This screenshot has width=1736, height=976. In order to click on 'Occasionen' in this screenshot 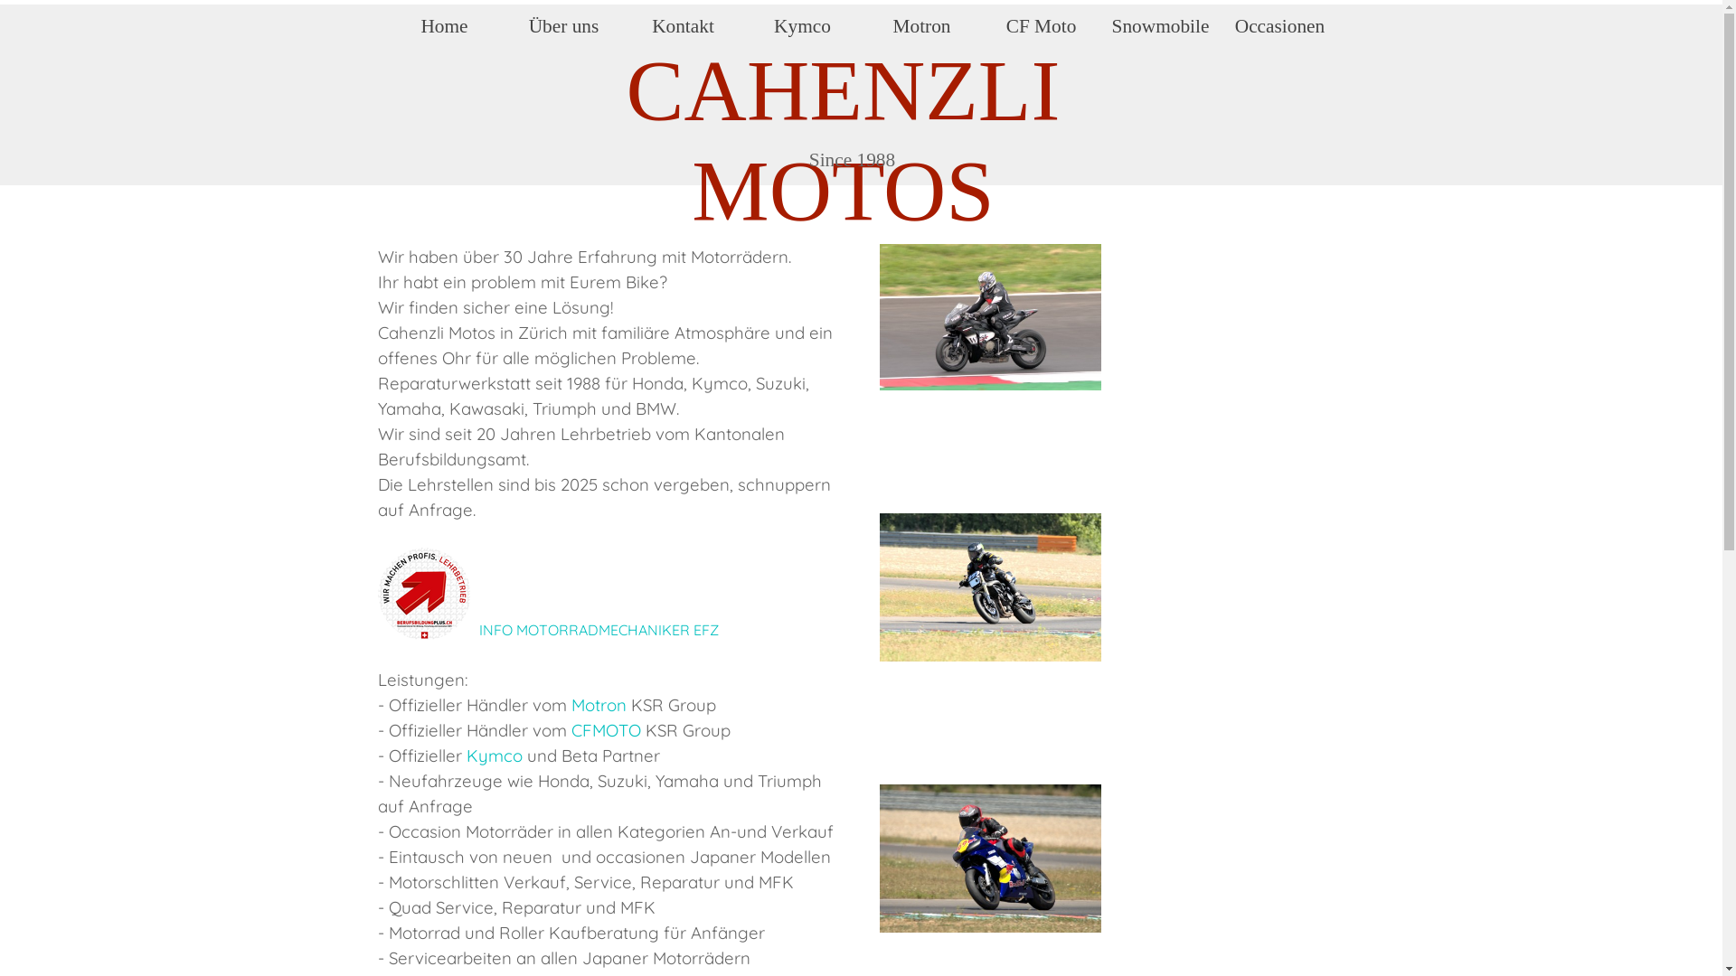, I will do `click(1279, 26)`.